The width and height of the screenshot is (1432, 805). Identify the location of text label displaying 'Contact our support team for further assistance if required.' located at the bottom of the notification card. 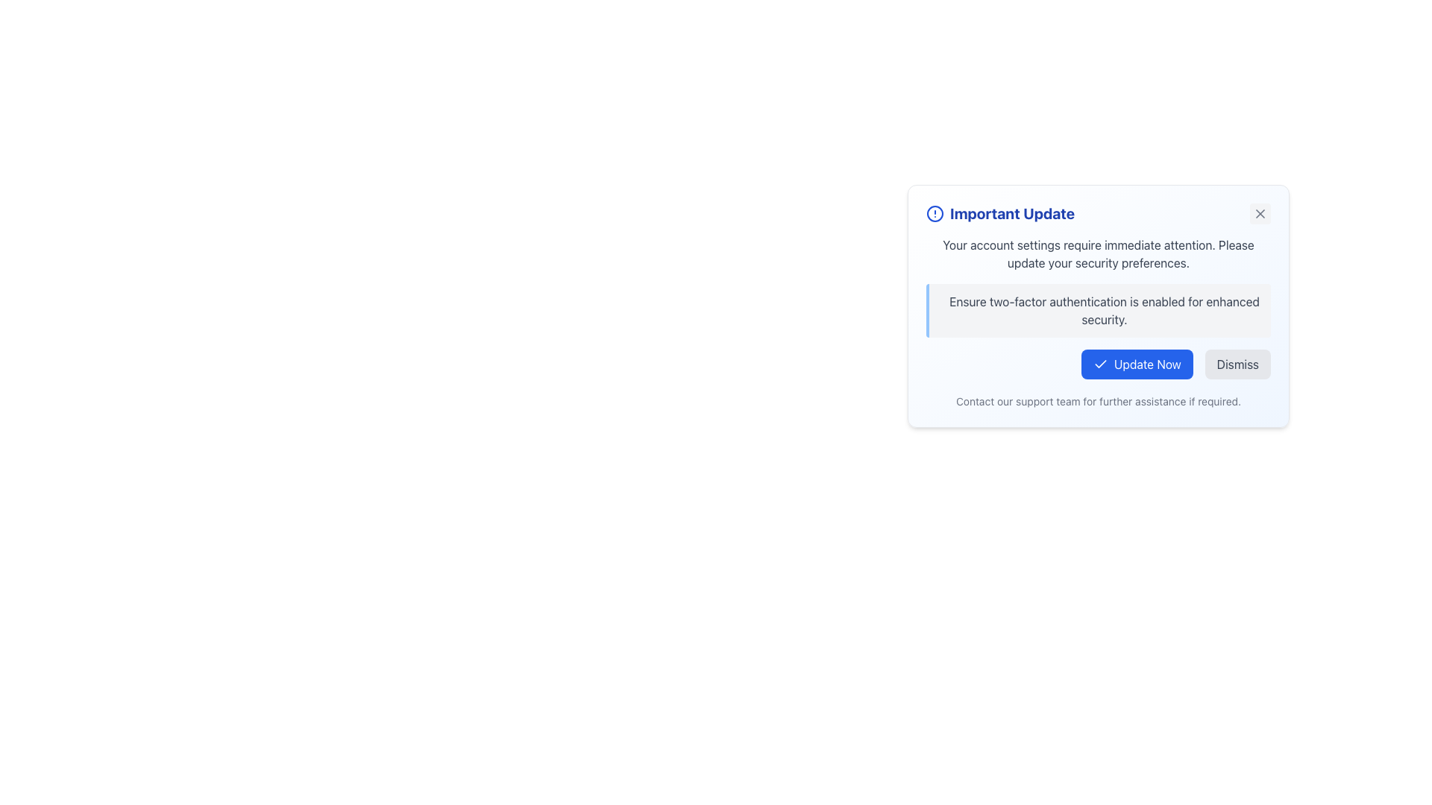
(1099, 401).